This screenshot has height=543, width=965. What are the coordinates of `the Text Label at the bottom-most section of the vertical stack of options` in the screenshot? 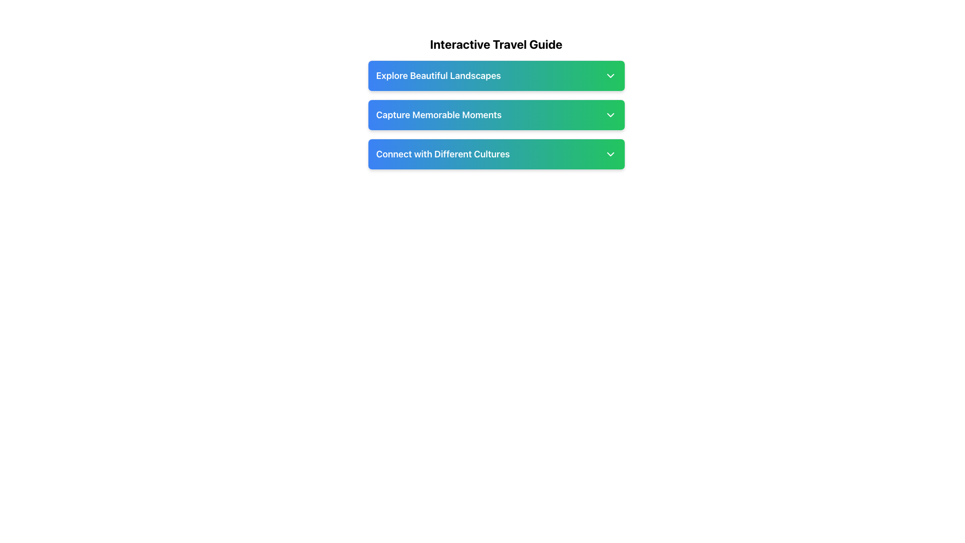 It's located at (442, 154).